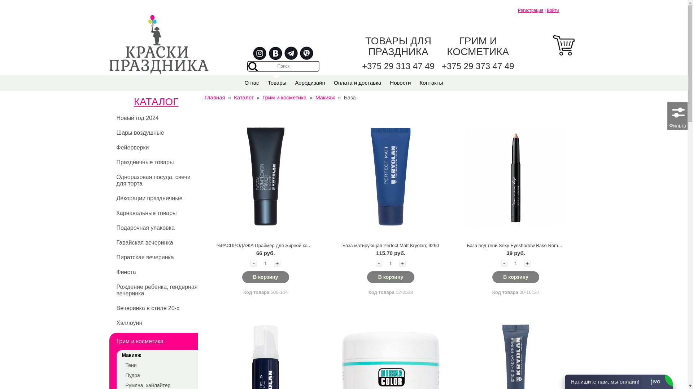 The width and height of the screenshot is (693, 389). What do you see at coordinates (291, 53) in the screenshot?
I see `'telegram'` at bounding box center [291, 53].